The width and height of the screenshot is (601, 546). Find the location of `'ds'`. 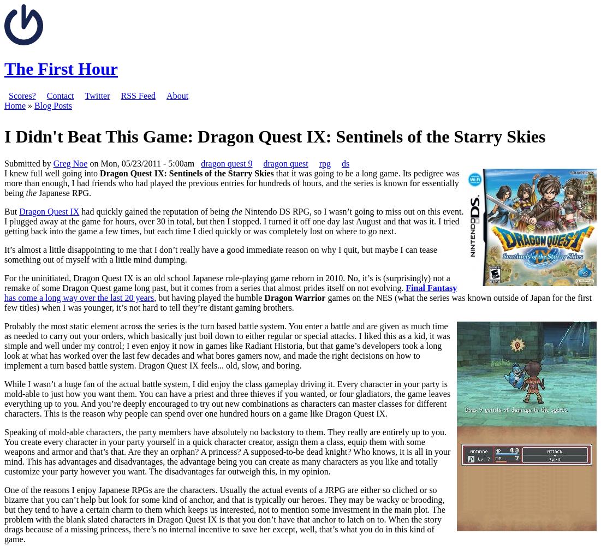

'ds' is located at coordinates (344, 163).